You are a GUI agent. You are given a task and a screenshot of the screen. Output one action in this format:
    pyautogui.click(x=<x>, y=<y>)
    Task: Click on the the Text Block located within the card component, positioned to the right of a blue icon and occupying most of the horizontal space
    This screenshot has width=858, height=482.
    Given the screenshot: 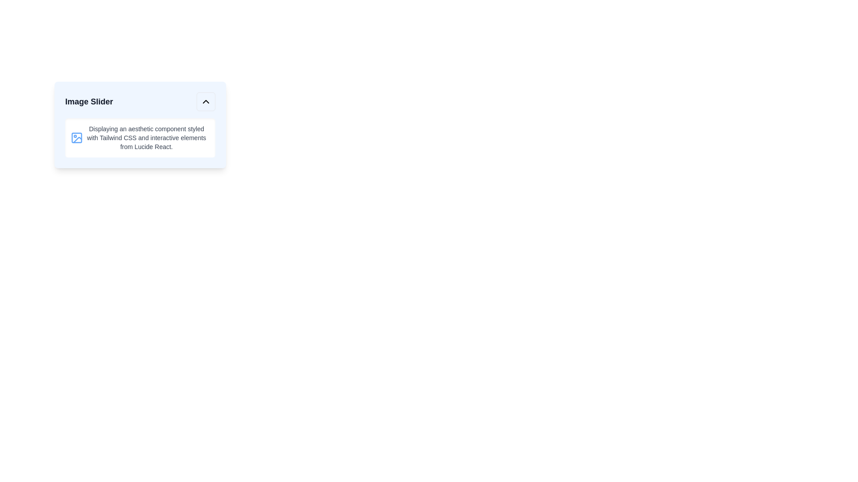 What is the action you would take?
    pyautogui.click(x=146, y=137)
    